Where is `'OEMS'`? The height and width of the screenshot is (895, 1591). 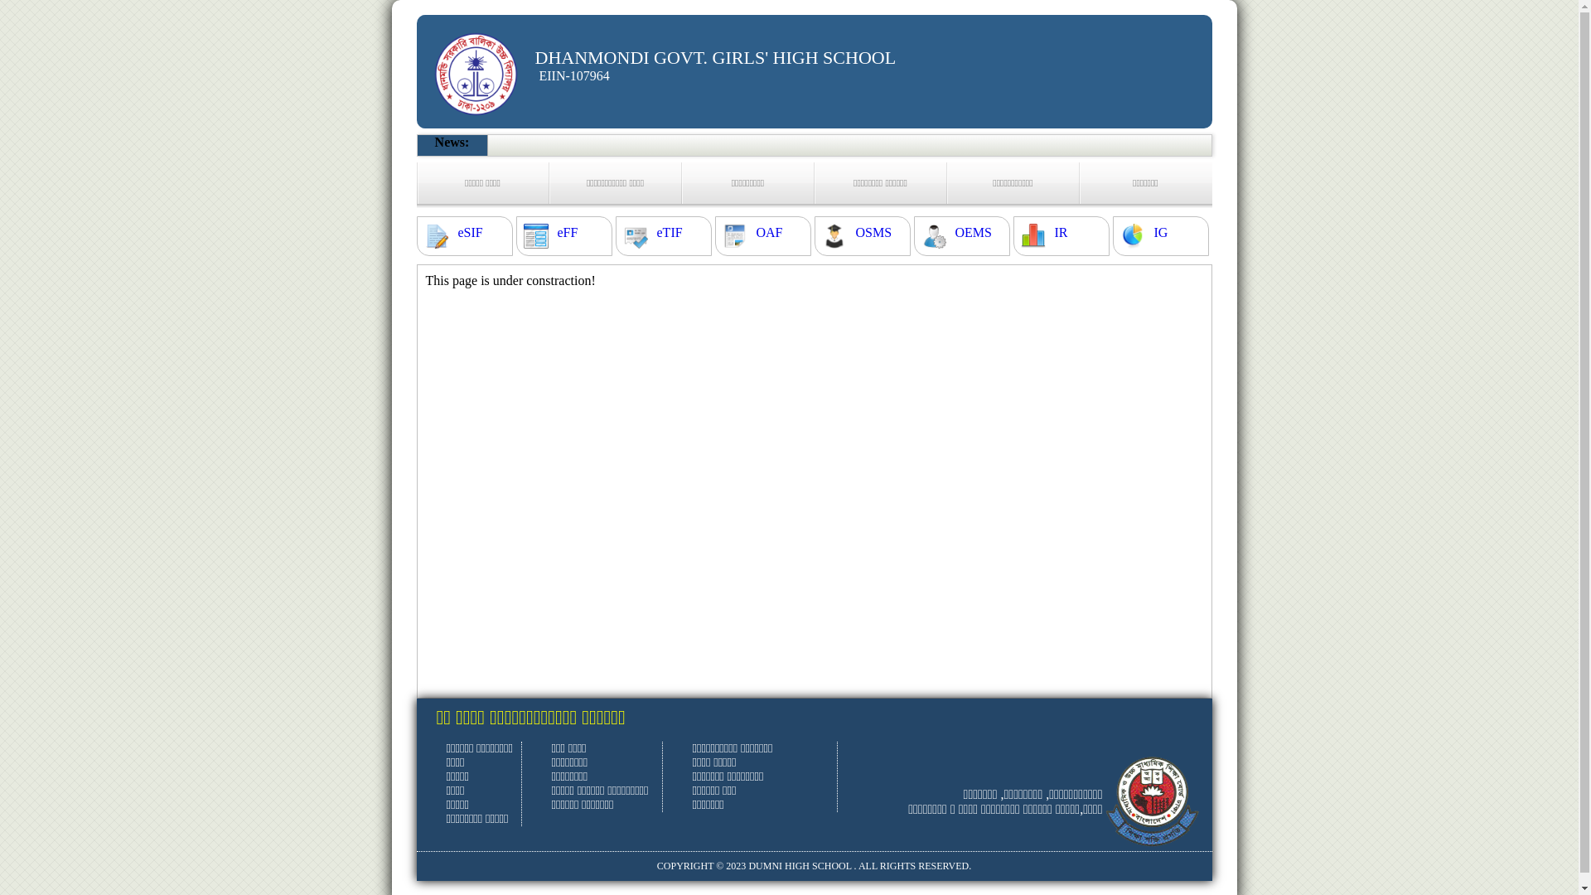
'OEMS' is located at coordinates (973, 233).